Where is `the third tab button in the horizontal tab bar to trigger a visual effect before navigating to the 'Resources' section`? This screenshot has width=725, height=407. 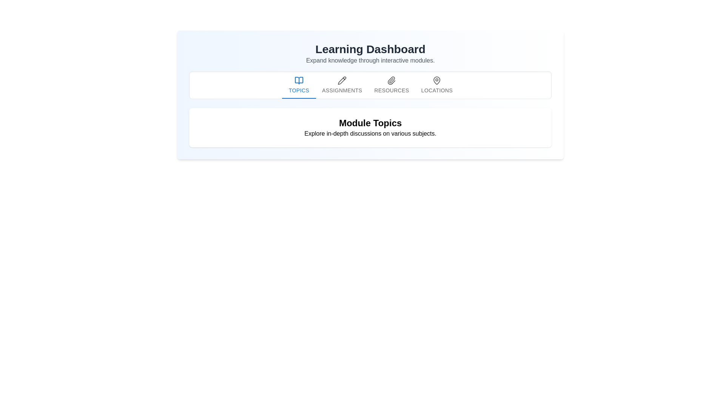
the third tab button in the horizontal tab bar to trigger a visual effect before navigating to the 'Resources' section is located at coordinates (392, 85).